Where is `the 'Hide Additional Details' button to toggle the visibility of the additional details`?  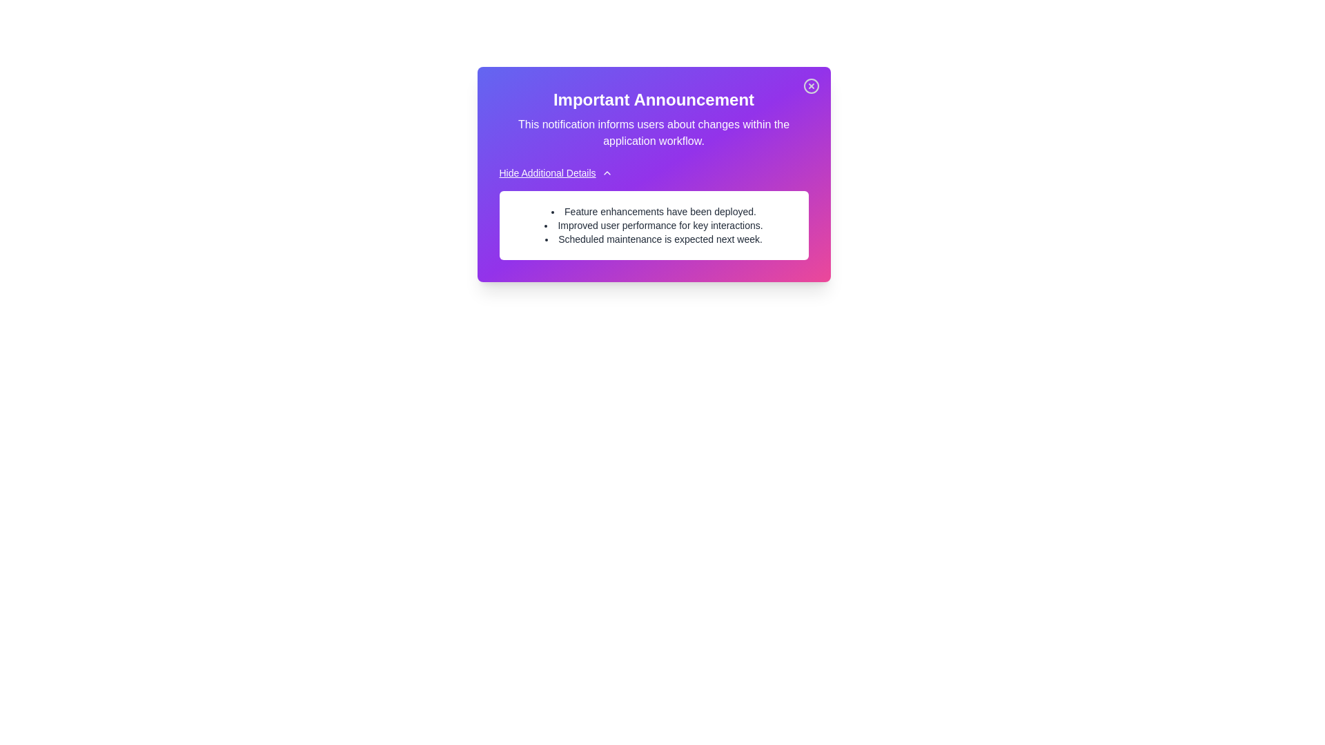 the 'Hide Additional Details' button to toggle the visibility of the additional details is located at coordinates (556, 172).